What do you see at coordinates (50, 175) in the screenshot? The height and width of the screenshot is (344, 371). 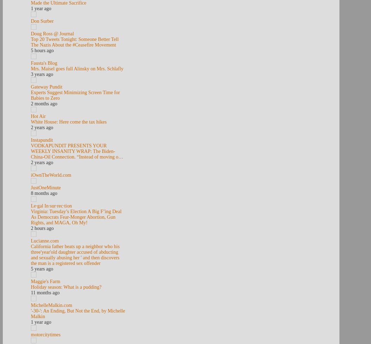 I see `'iOwnTheWorld.com'` at bounding box center [50, 175].